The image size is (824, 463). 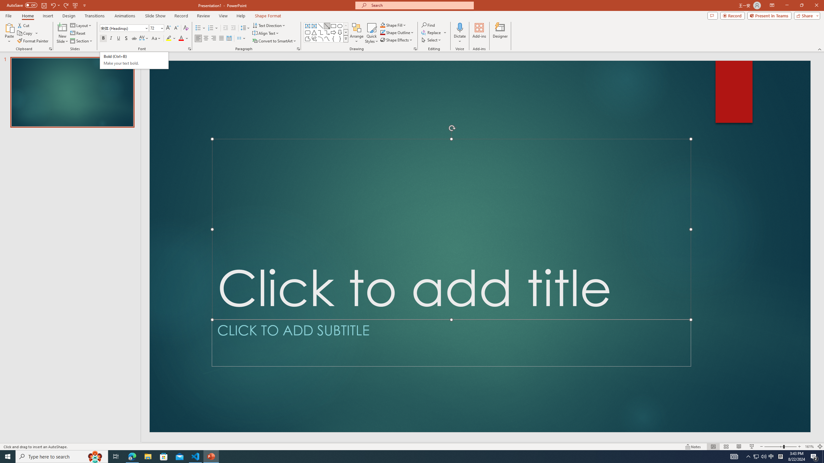 I want to click on 'Shape Effects', so click(x=396, y=39).